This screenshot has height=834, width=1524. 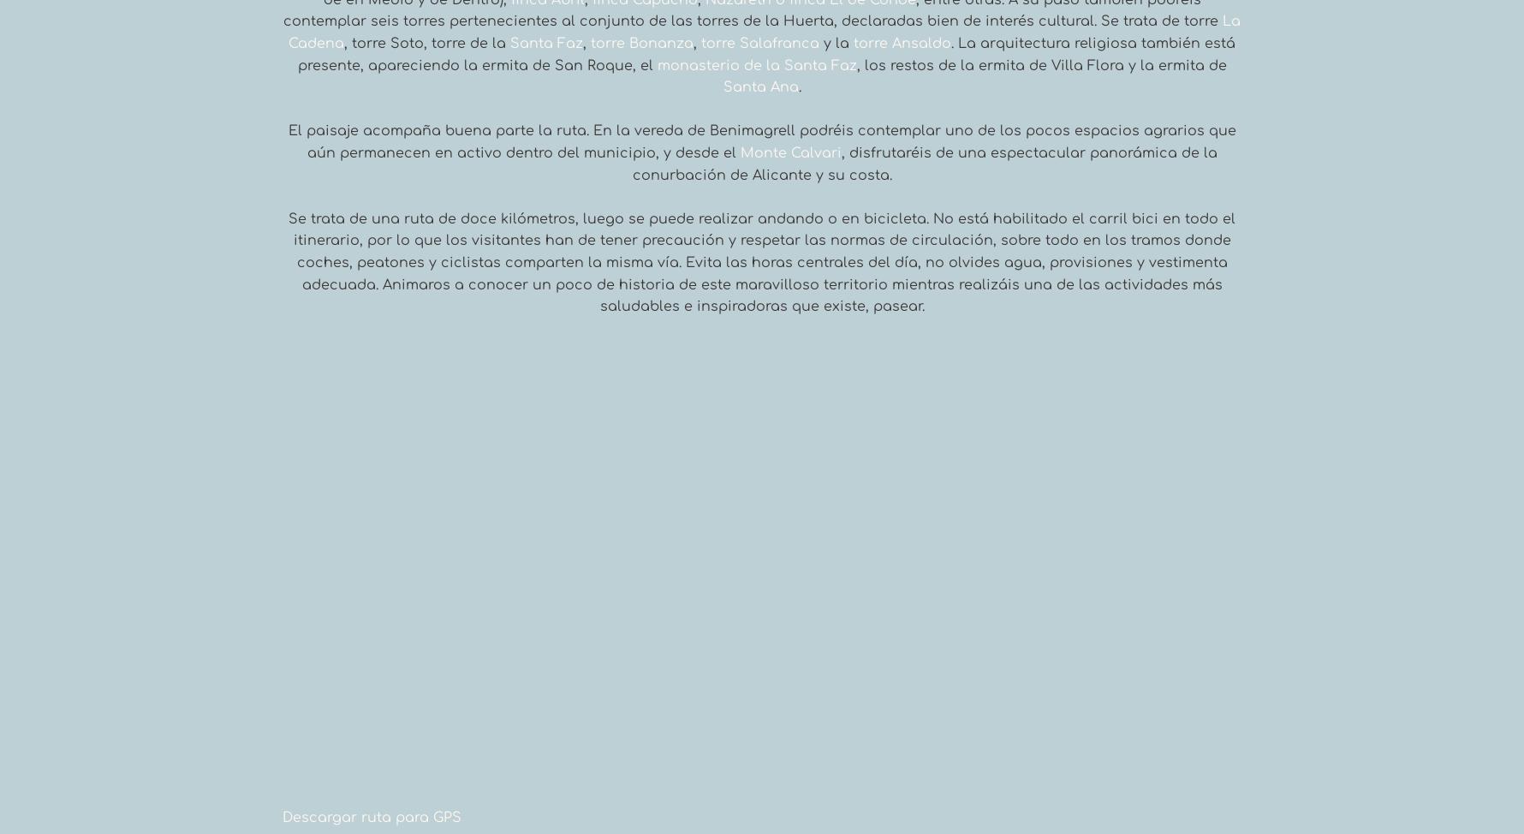 What do you see at coordinates (836, 44) in the screenshot?
I see `'y la'` at bounding box center [836, 44].